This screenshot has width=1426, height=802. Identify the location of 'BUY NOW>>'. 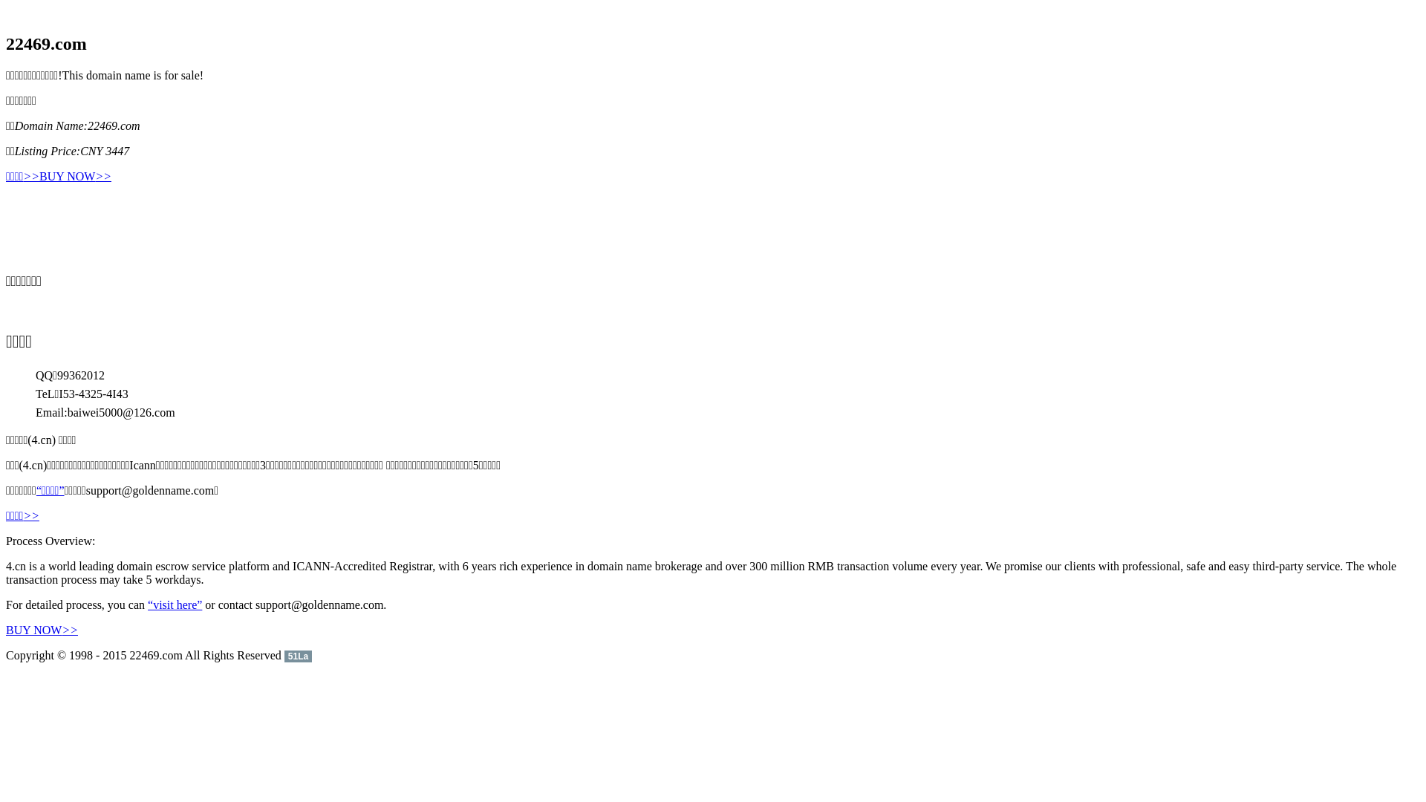
(42, 630).